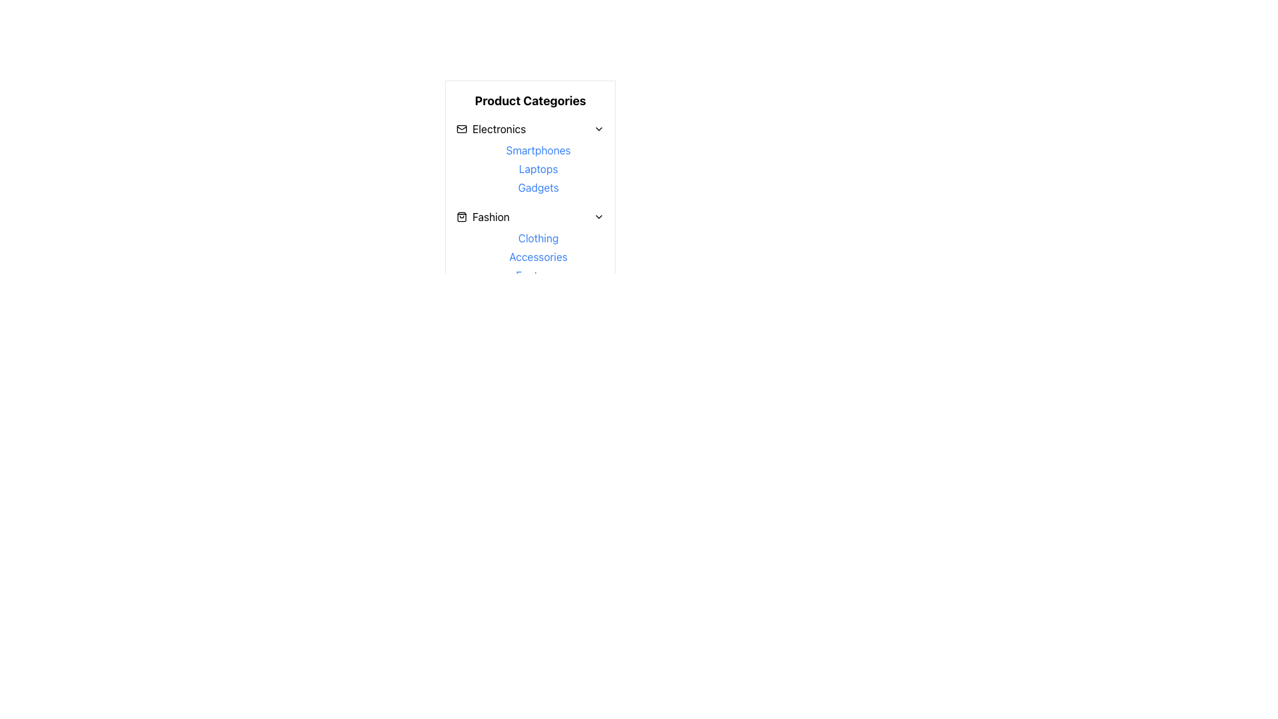  What do you see at coordinates (538, 168) in the screenshot?
I see `the text label displaying 'Laptops' in blue color` at bounding box center [538, 168].